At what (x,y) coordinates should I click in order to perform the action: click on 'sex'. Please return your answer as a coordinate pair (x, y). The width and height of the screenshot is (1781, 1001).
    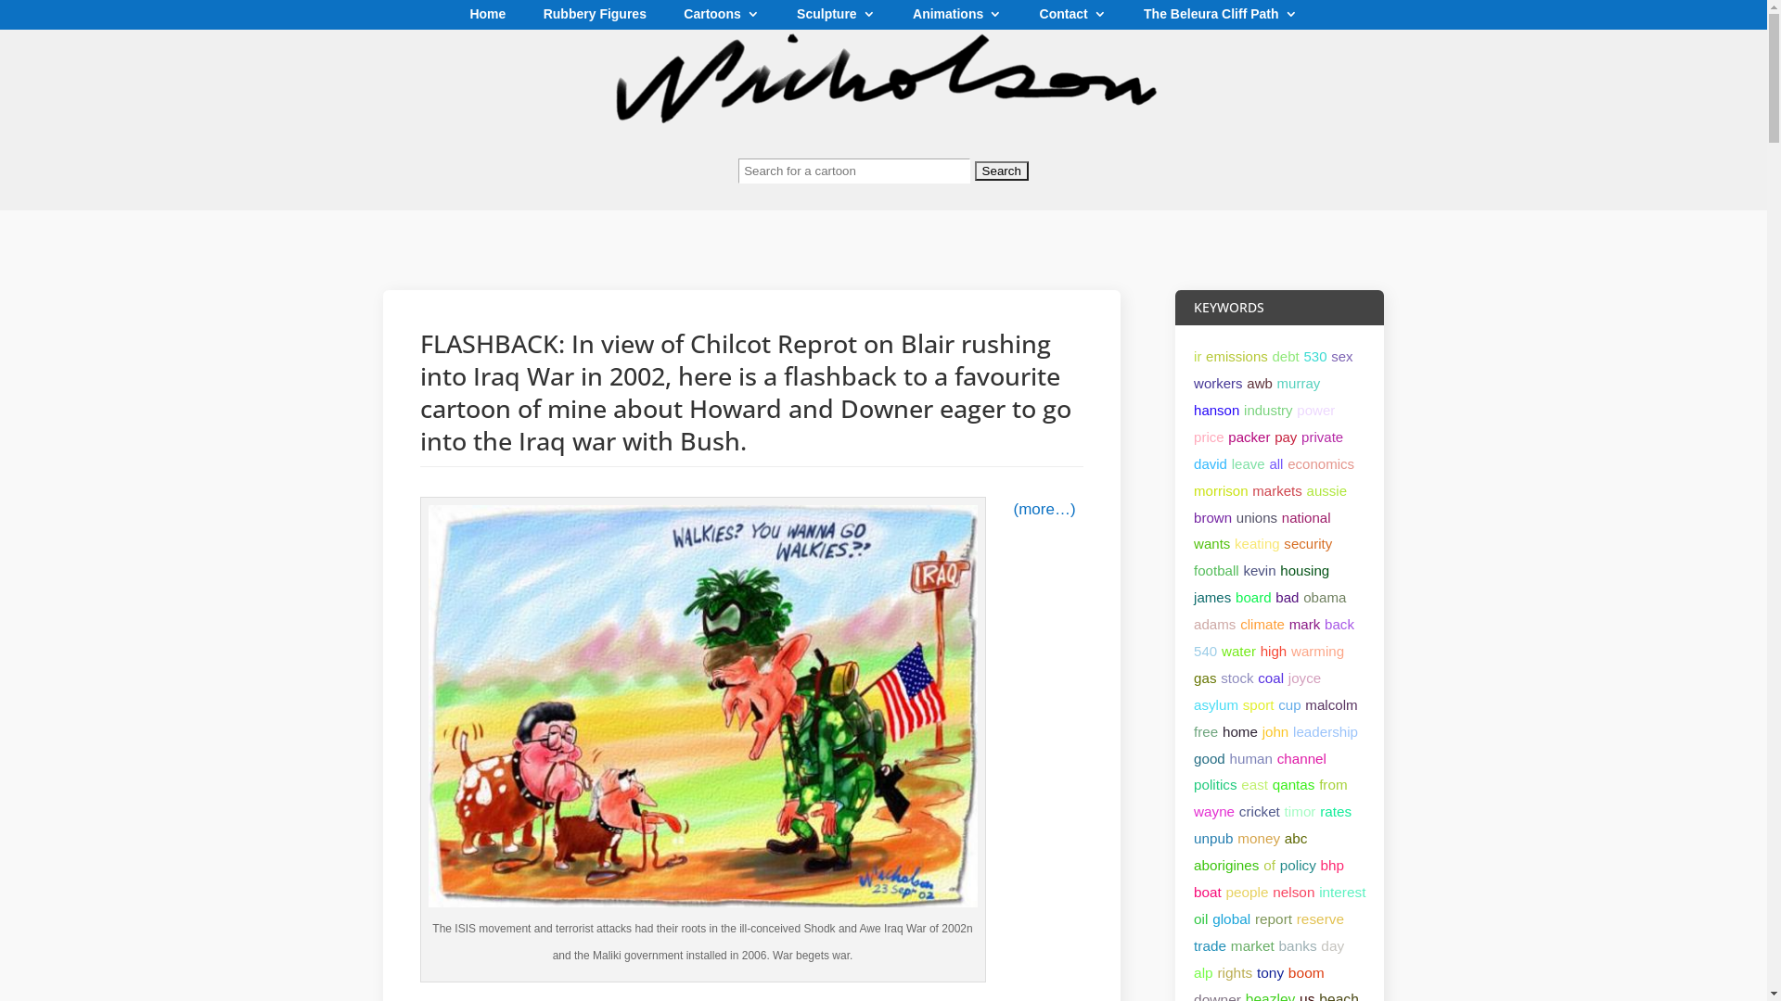
    Looking at the image, I should click on (1341, 356).